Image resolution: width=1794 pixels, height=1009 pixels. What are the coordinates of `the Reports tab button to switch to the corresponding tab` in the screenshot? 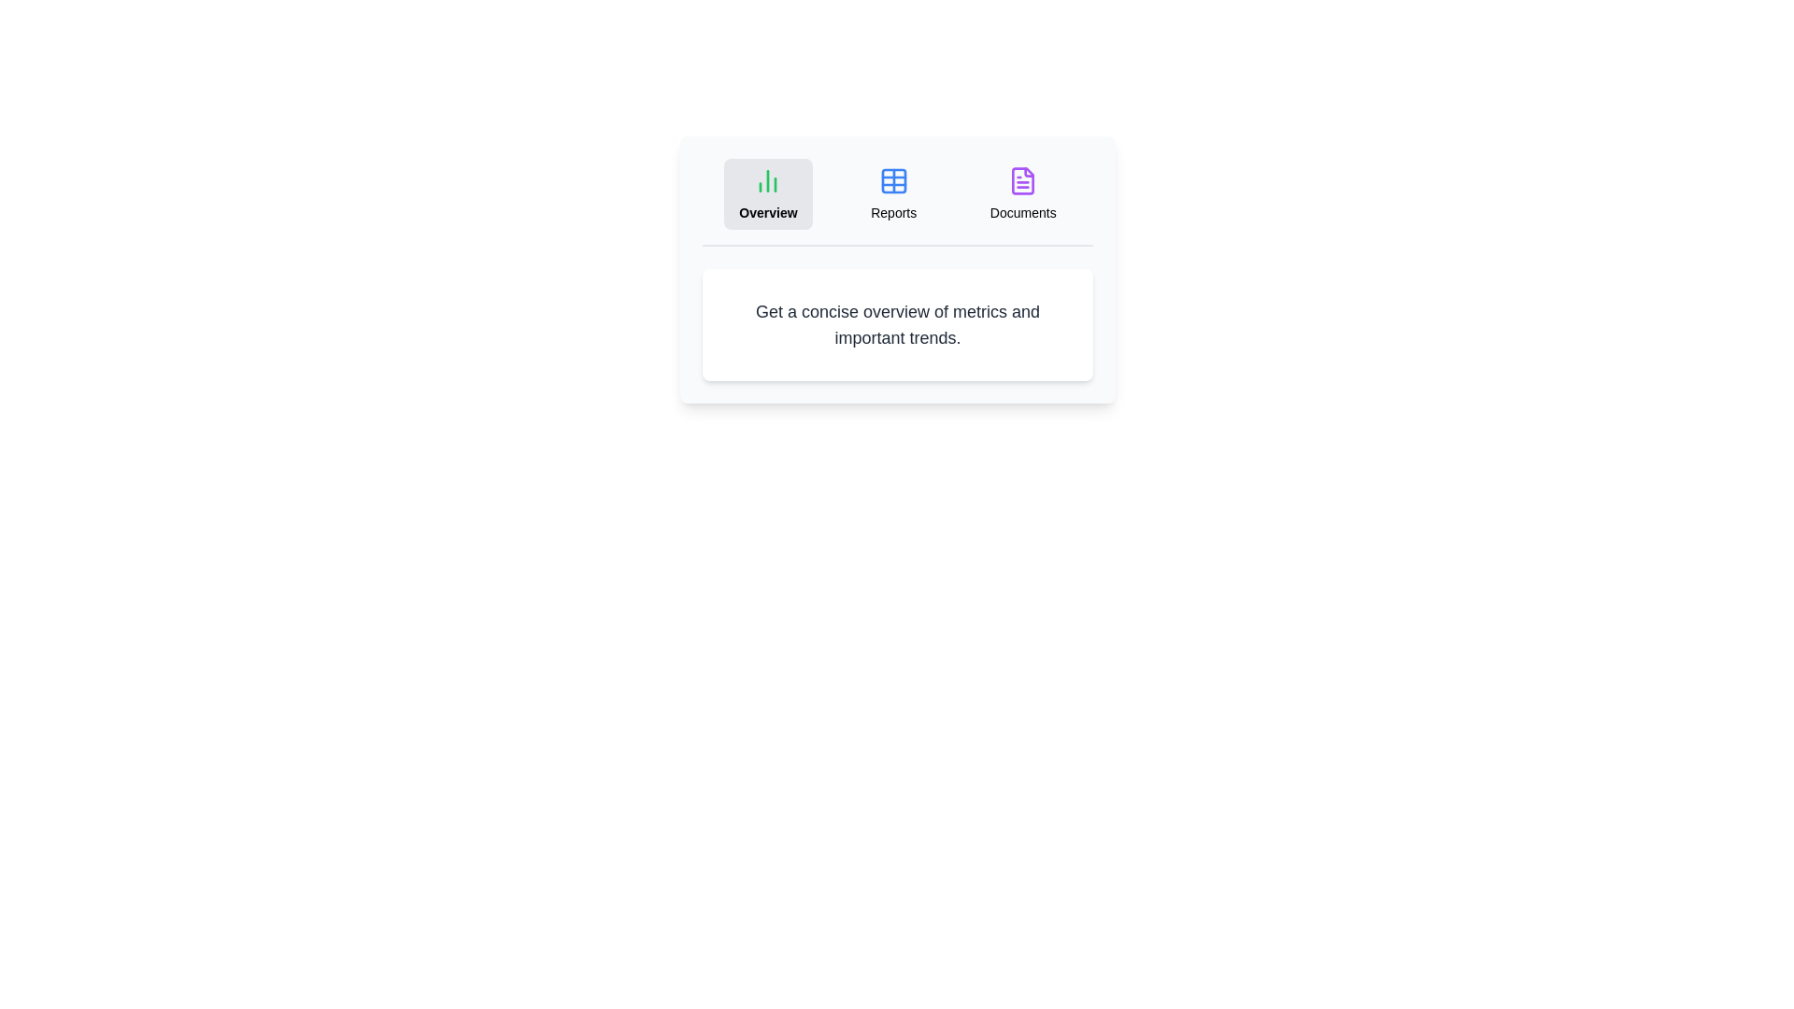 It's located at (892, 194).